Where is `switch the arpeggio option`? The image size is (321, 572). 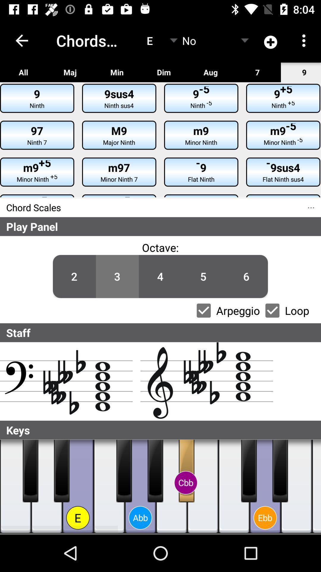
switch the arpeggio option is located at coordinates (203, 310).